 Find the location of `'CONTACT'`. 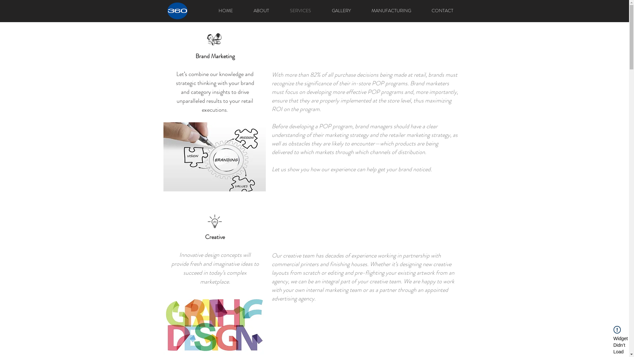

'CONTACT' is located at coordinates (421, 10).